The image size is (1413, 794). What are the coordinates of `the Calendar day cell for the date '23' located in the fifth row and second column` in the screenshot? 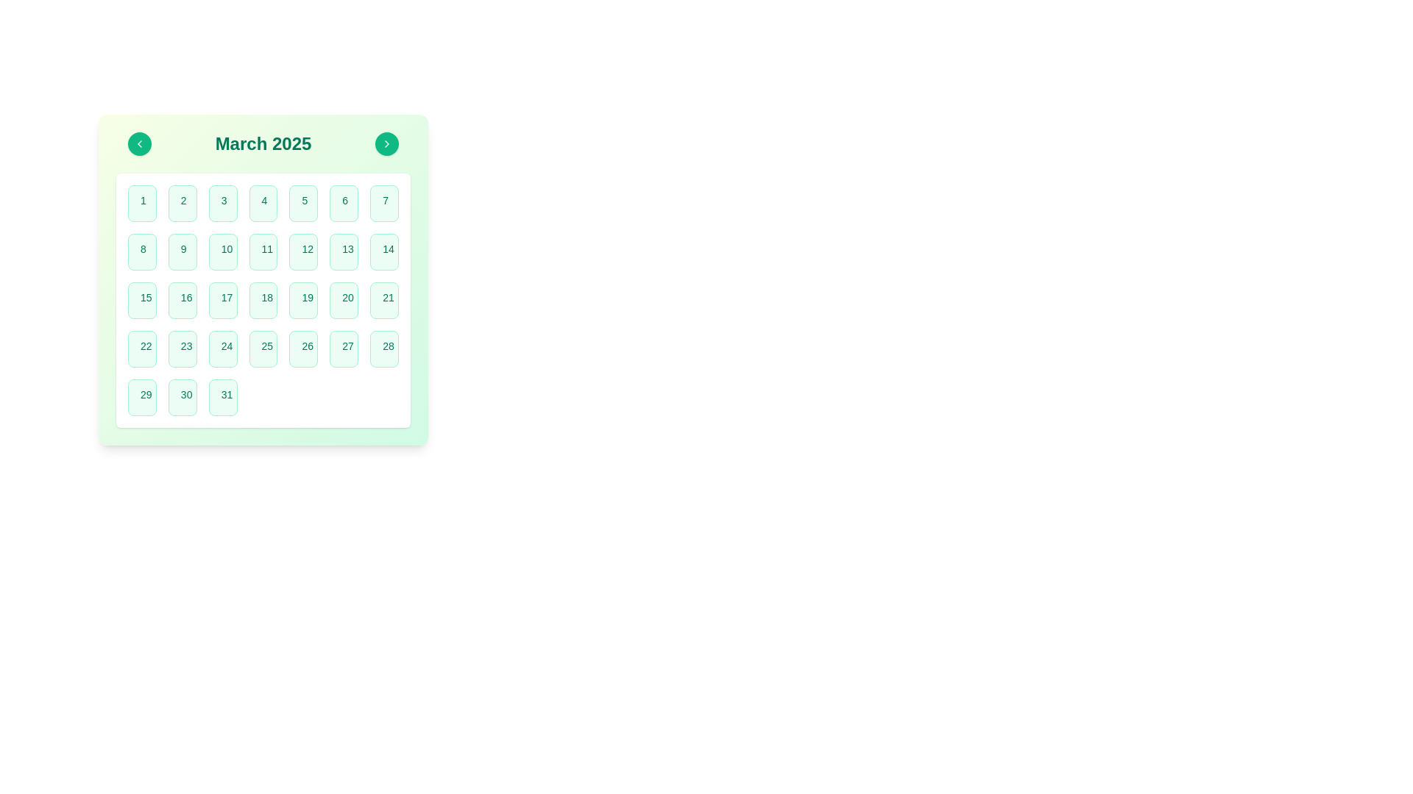 It's located at (182, 348).